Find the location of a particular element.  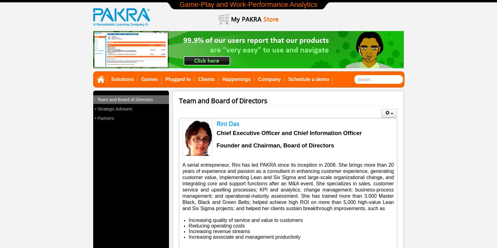

'Increasing revenue streams' is located at coordinates (219, 231).